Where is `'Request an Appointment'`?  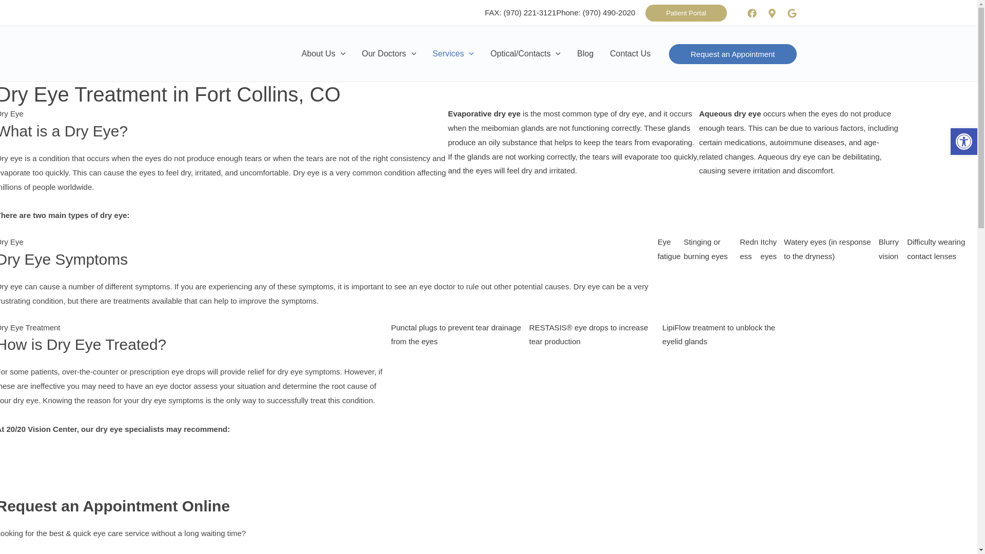 'Request an Appointment' is located at coordinates (732, 54).